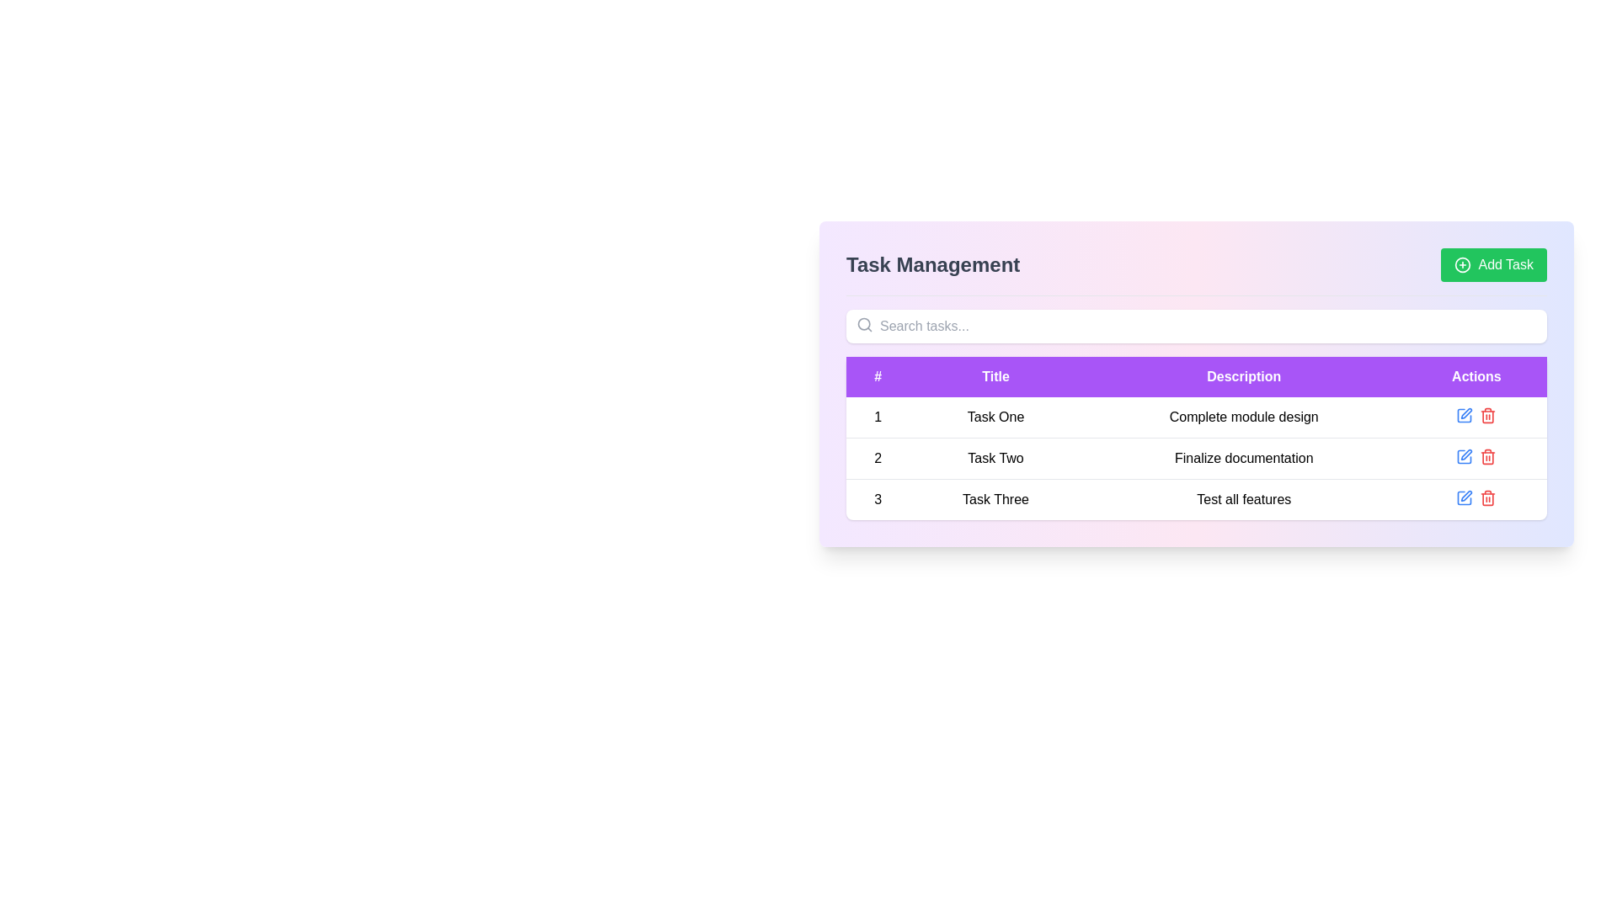  I want to click on the pen icon associated with editing functionality in the 'Actions' column of the task management table for Task One, so click(1466, 413).